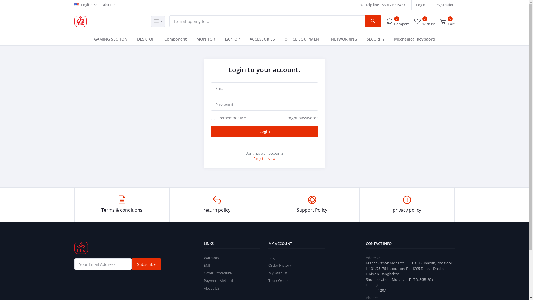 Image resolution: width=533 pixels, height=300 pixels. I want to click on 'Registration', so click(444, 5).